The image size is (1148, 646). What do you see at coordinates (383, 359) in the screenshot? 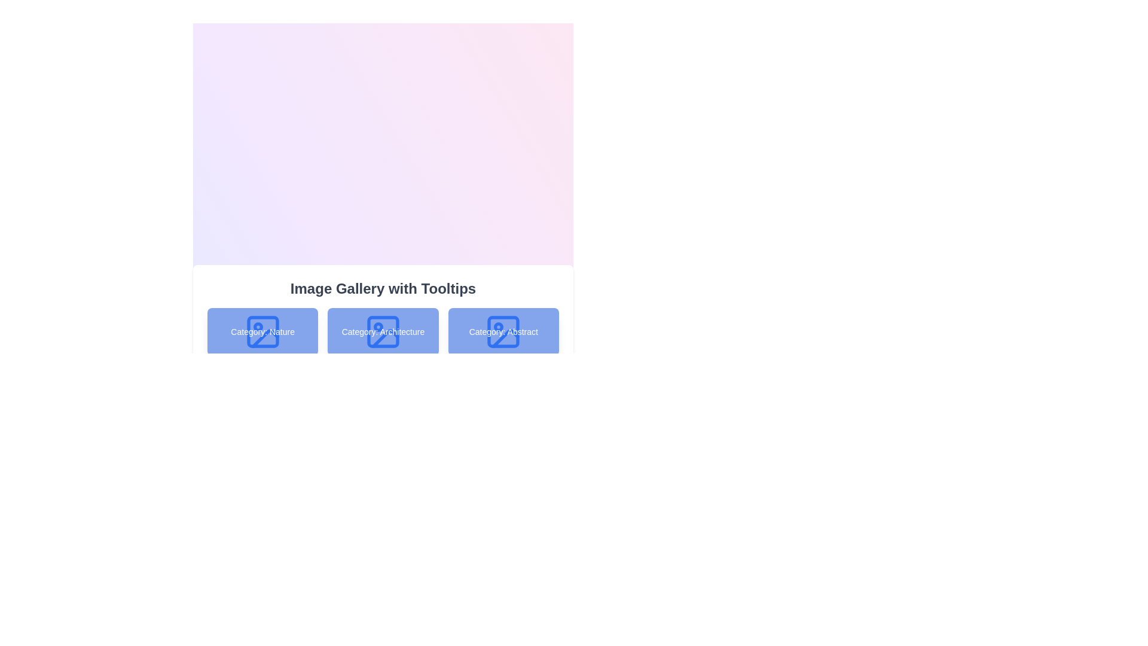
I see `the second grid item in the 'Image Gallery with Tooltips' that represents the category 'Architecture'` at bounding box center [383, 359].